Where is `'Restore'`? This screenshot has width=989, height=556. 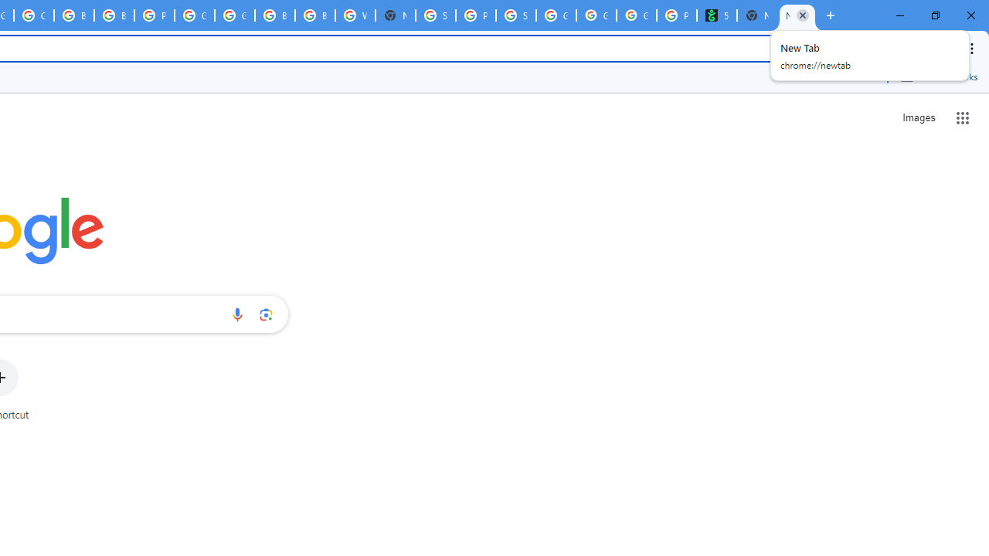
'Restore' is located at coordinates (934, 15).